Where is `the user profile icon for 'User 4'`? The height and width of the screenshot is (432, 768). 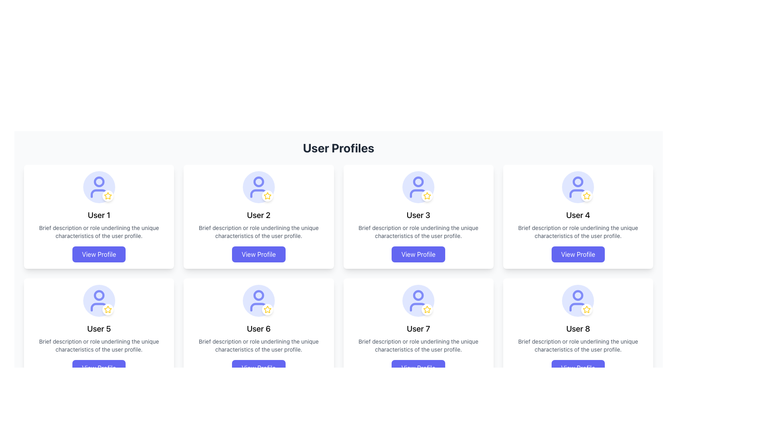 the user profile icon for 'User 4' is located at coordinates (578, 187).